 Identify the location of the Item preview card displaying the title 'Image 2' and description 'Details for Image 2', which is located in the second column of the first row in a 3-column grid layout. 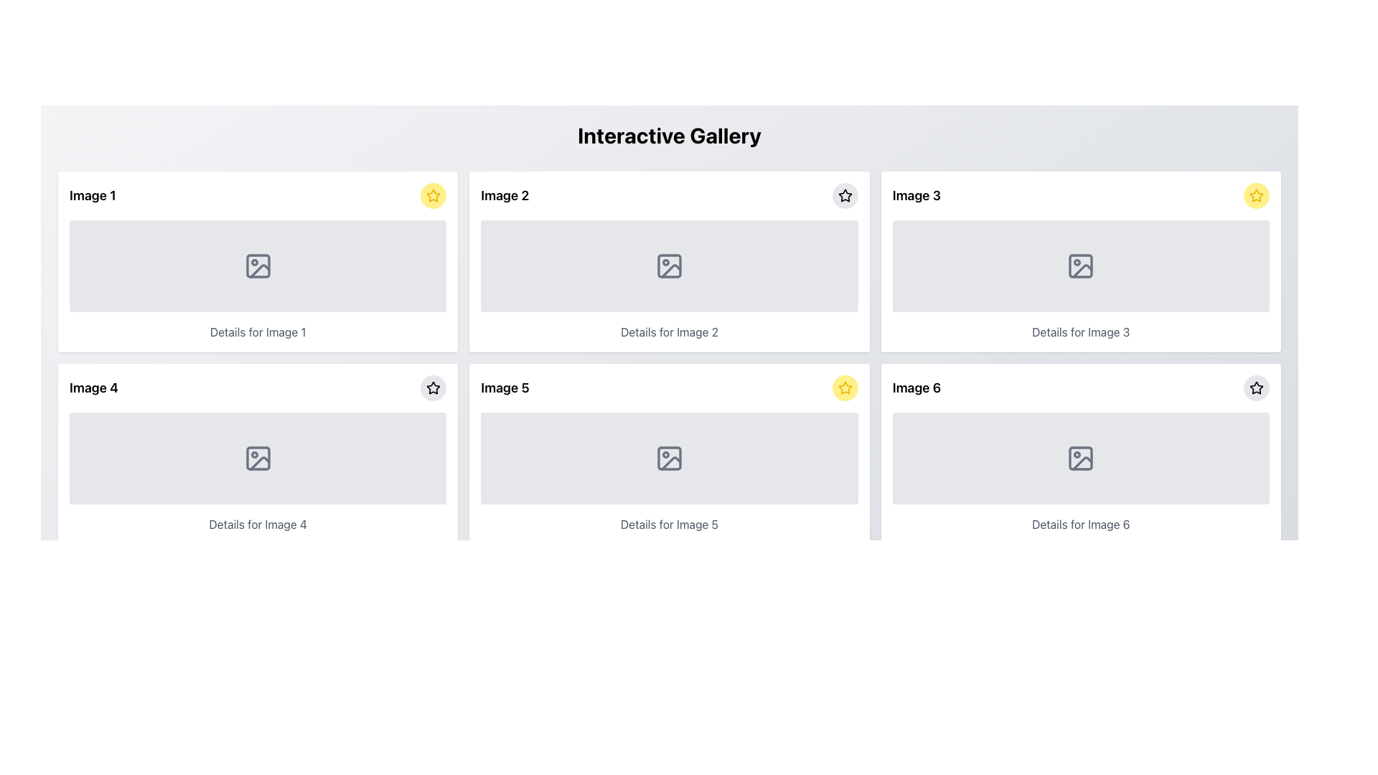
(668, 262).